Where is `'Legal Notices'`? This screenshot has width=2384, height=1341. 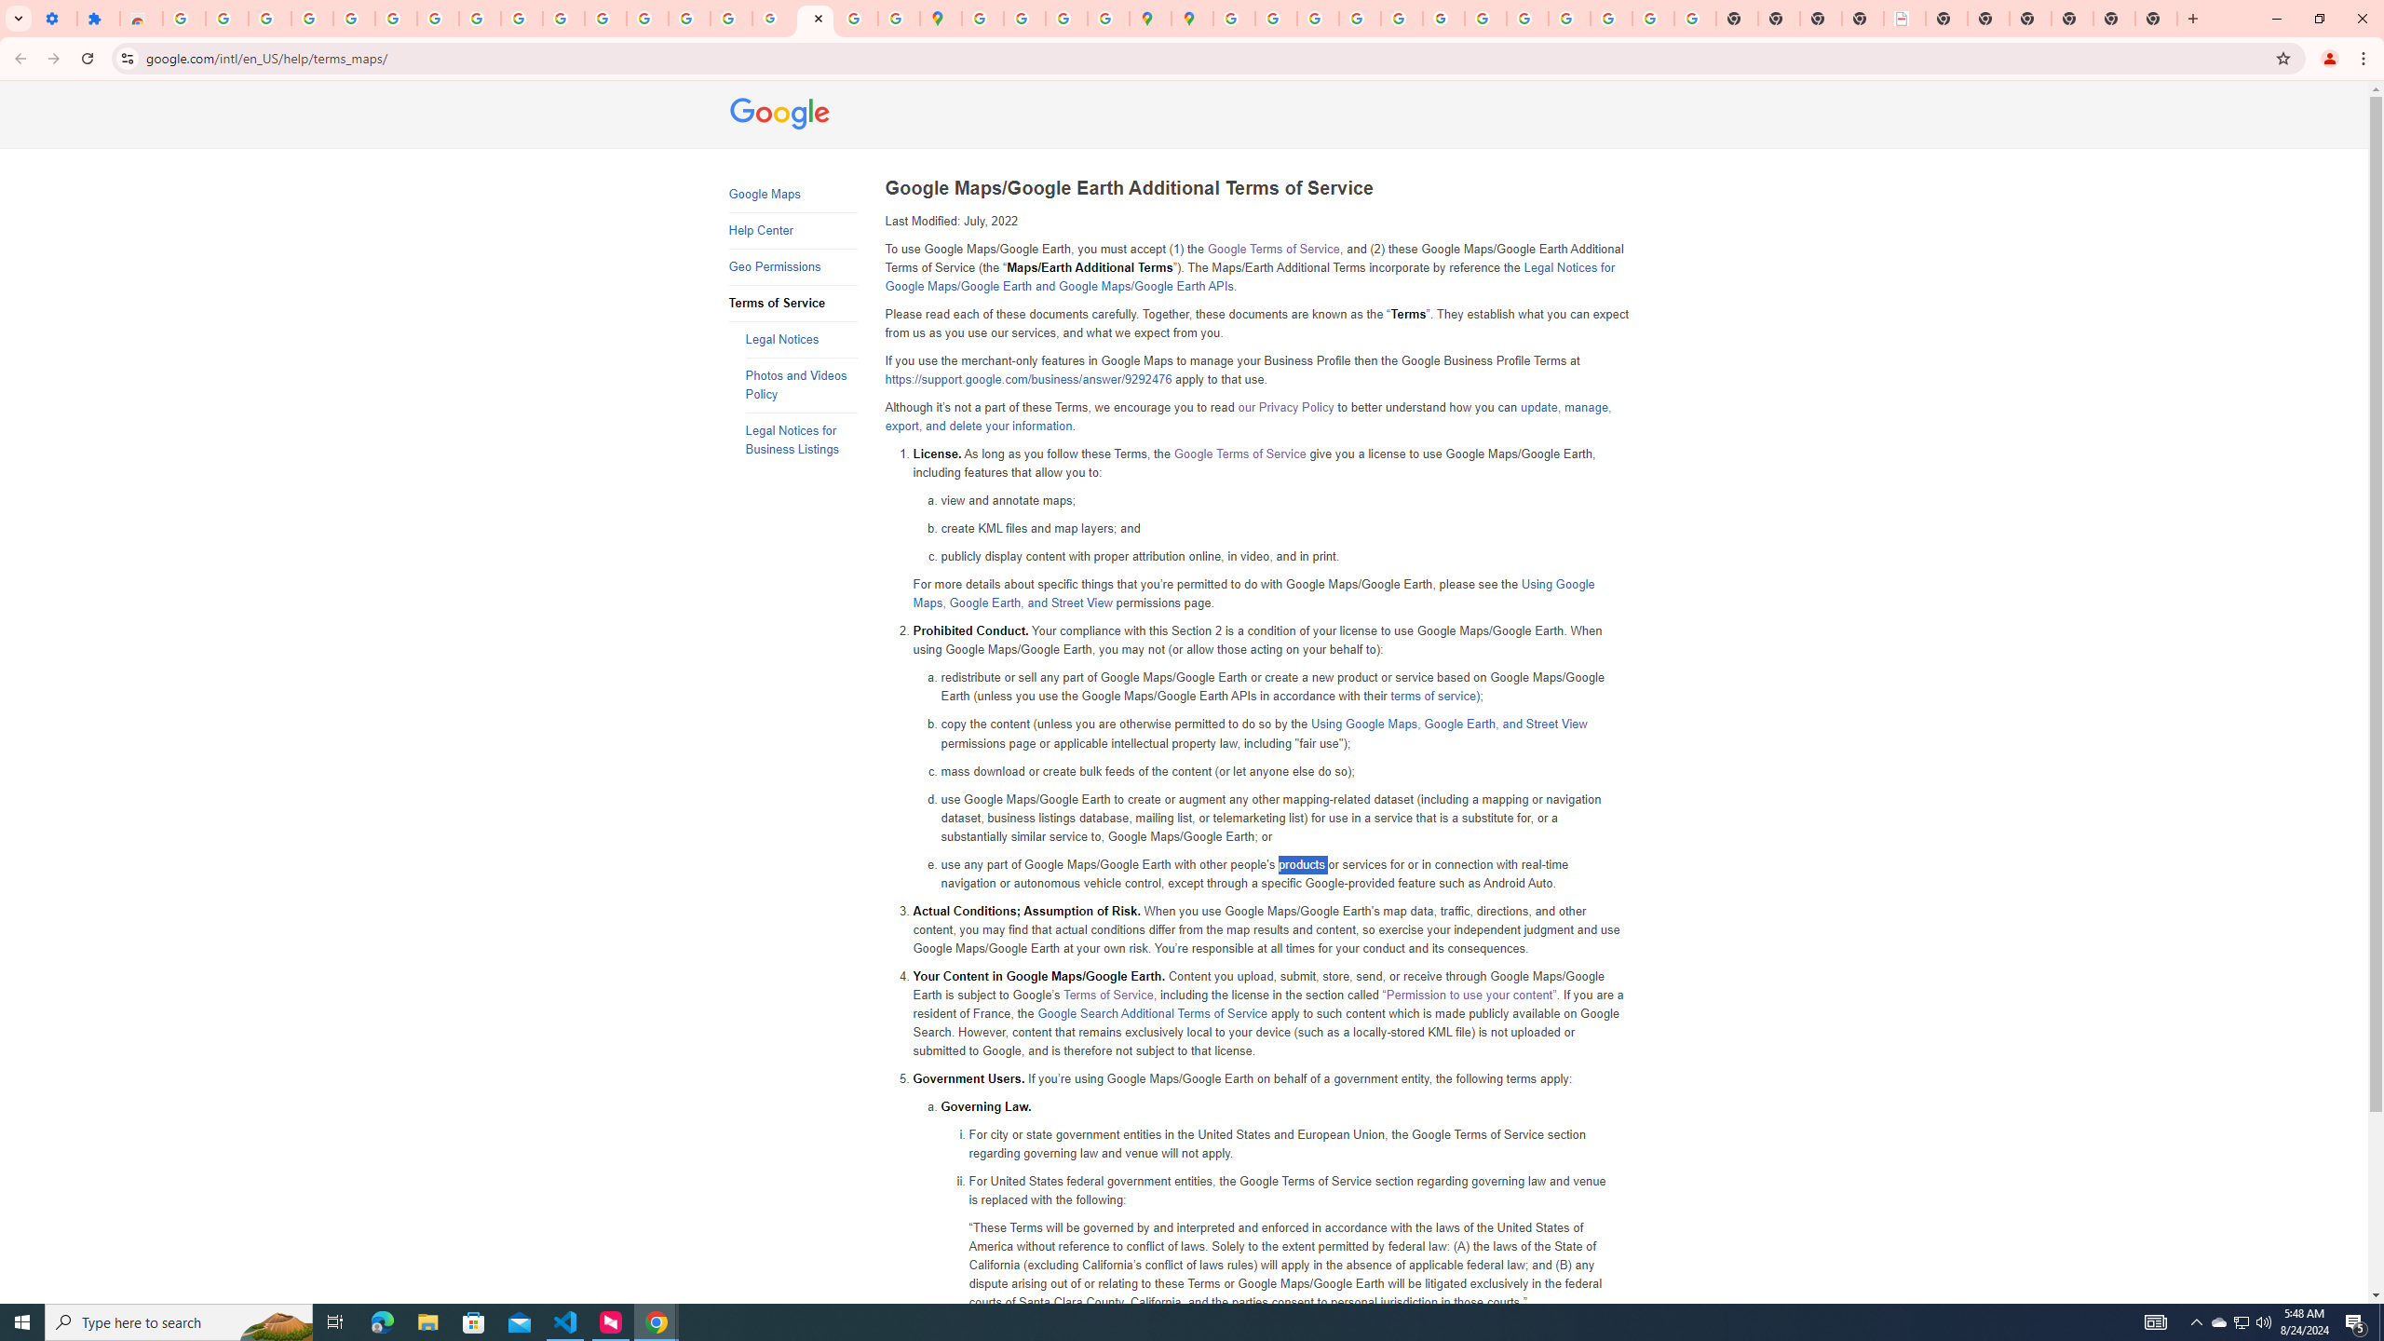 'Legal Notices' is located at coordinates (801, 339).